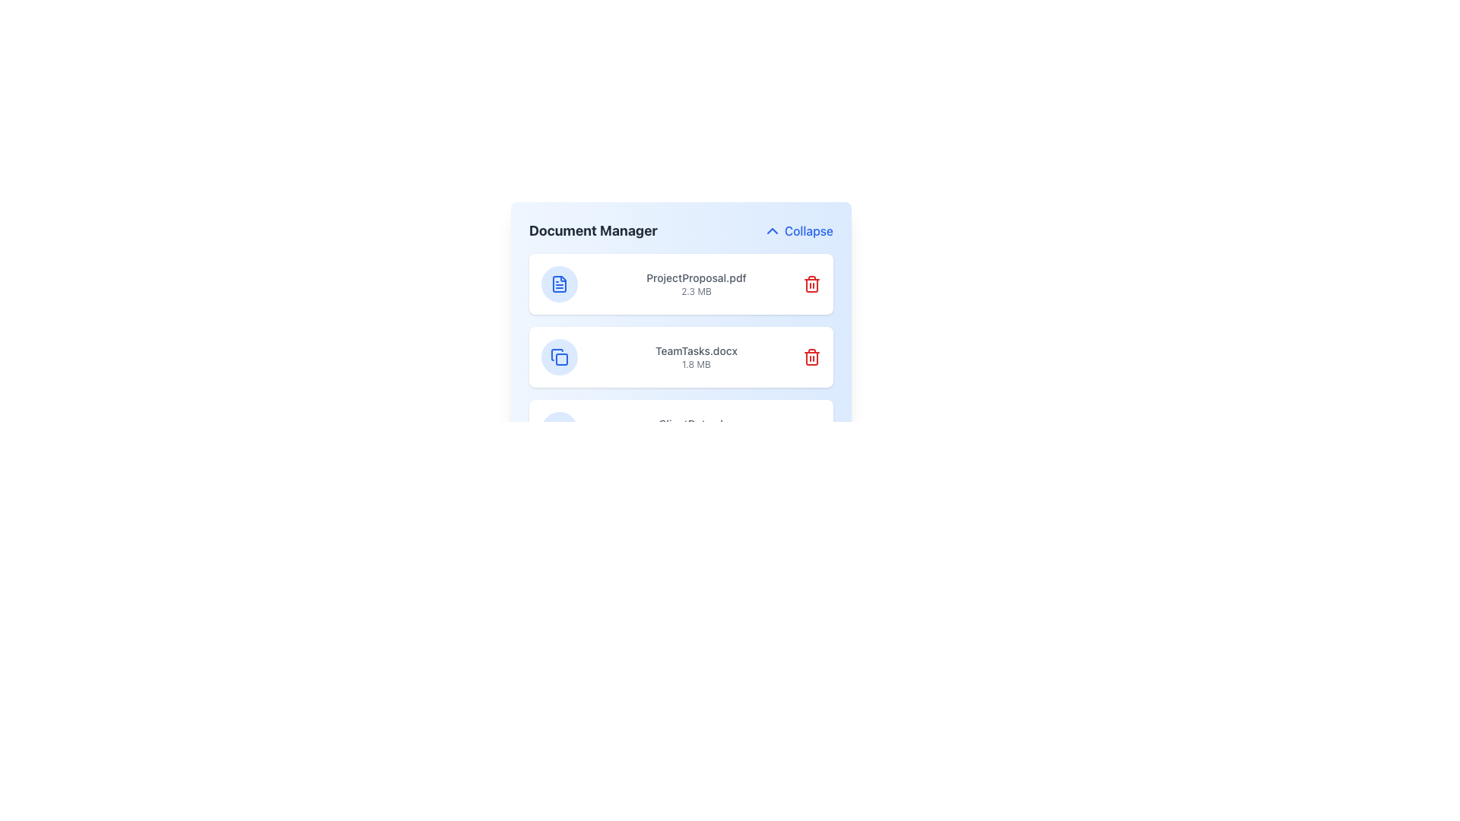 This screenshot has height=821, width=1460. Describe the element at coordinates (558, 357) in the screenshot. I see `the graphical icon representing two overlapping rectangles with blue outlines, located to the left of the document name 'TeamTasks.docx', to initiate the copy action` at that location.